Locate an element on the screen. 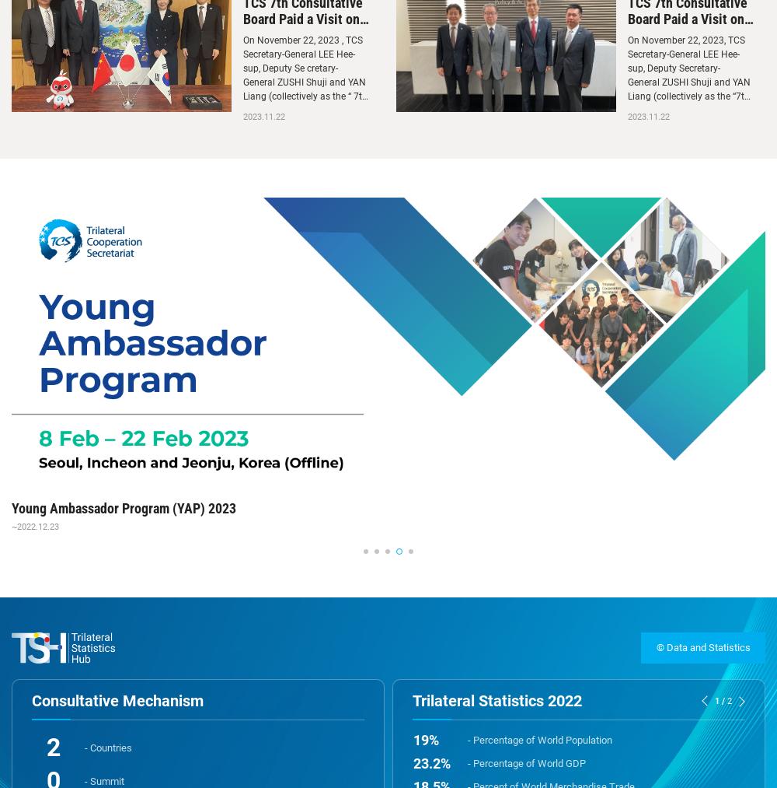 This screenshot has height=788, width=777. 'CJK Marathon 2022 Virtual Run' is located at coordinates (99, 507).